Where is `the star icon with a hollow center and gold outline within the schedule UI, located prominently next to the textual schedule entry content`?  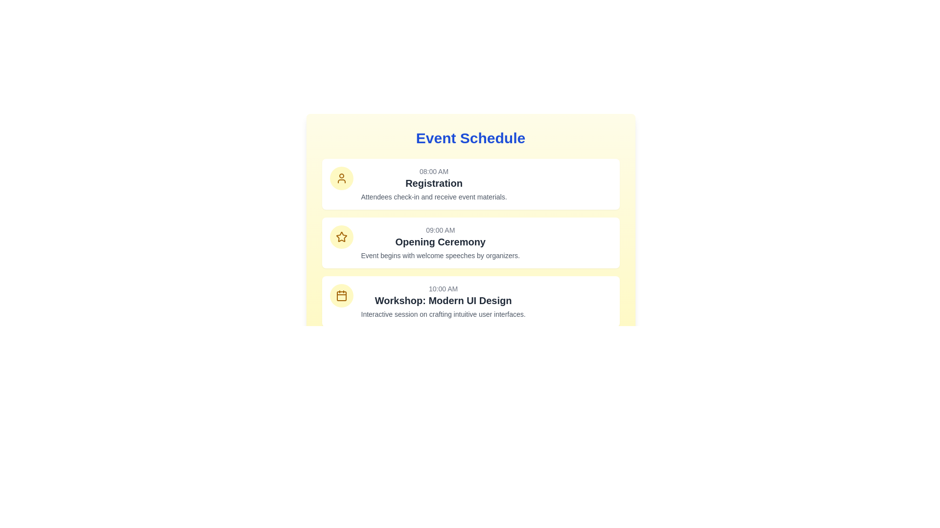
the star icon with a hollow center and gold outline within the schedule UI, located prominently next to the textual schedule entry content is located at coordinates (341, 237).